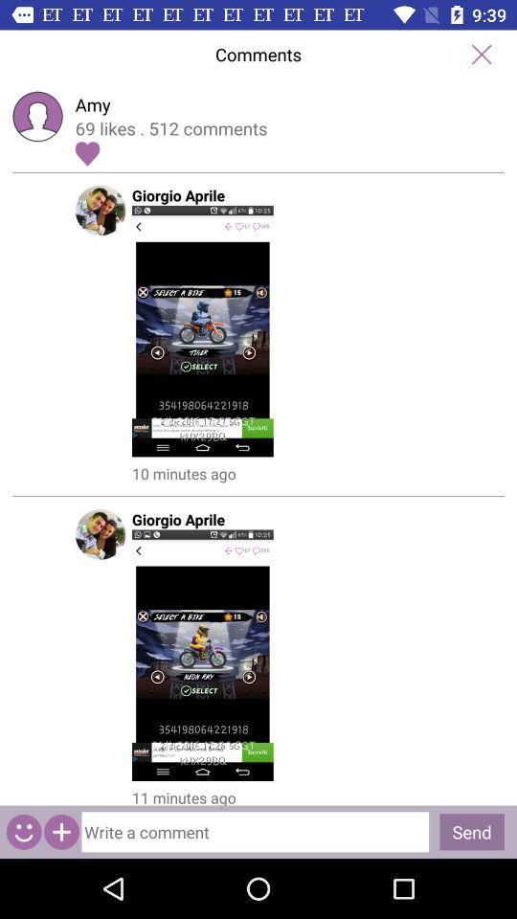 The width and height of the screenshot is (517, 919). What do you see at coordinates (23, 831) in the screenshot?
I see `emaji` at bounding box center [23, 831].